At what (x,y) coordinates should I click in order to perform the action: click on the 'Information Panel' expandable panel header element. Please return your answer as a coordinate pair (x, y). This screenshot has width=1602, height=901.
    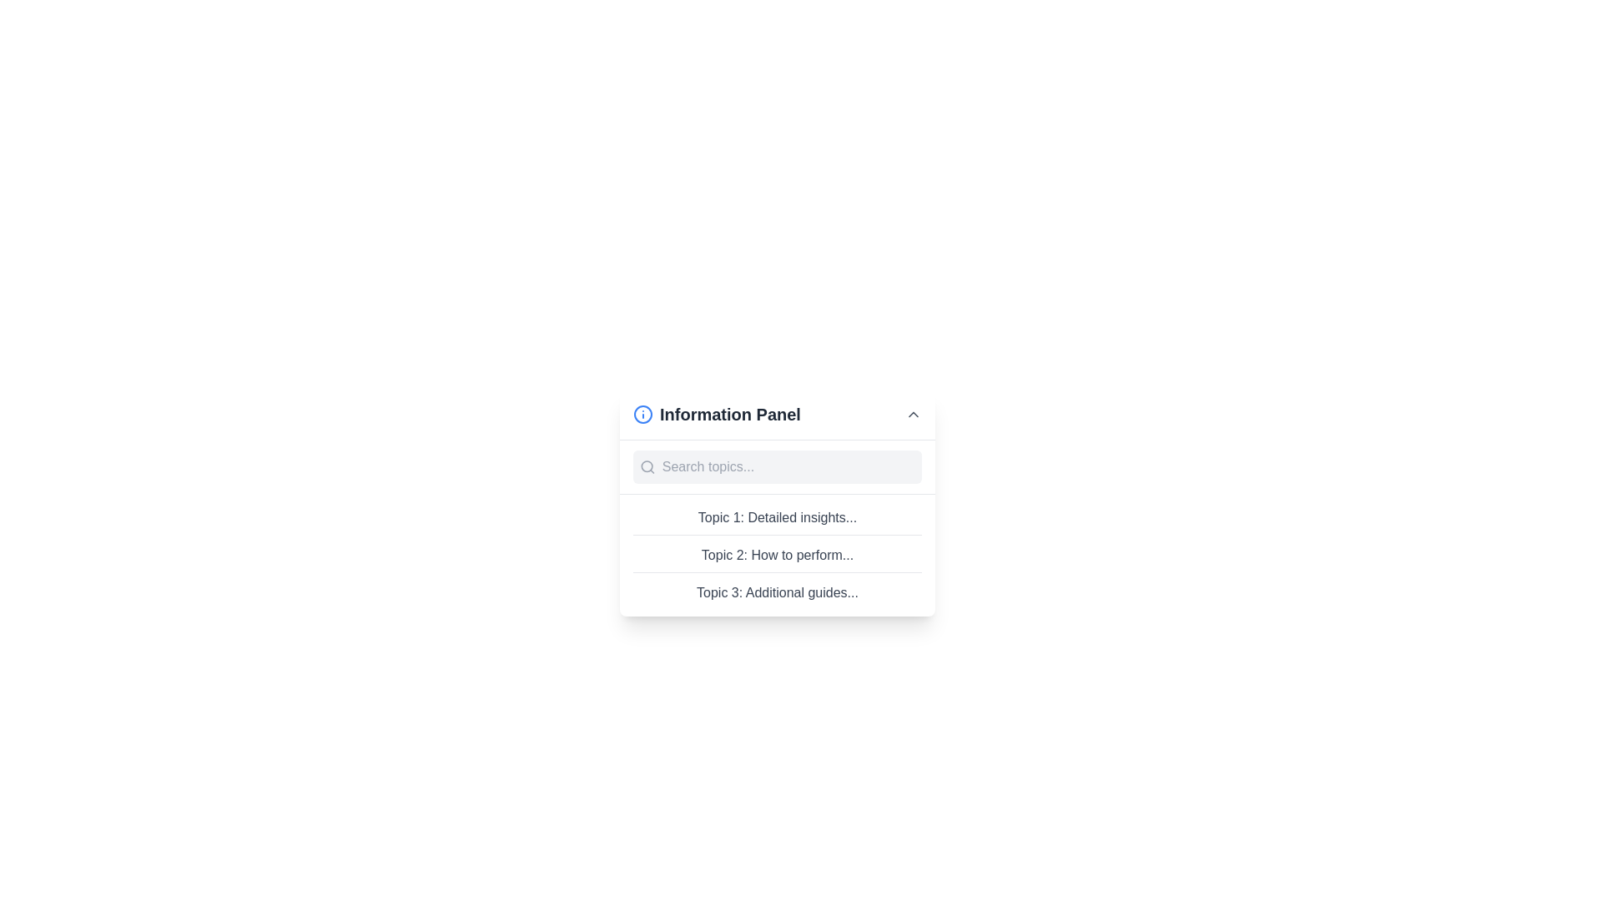
    Looking at the image, I should click on (776, 414).